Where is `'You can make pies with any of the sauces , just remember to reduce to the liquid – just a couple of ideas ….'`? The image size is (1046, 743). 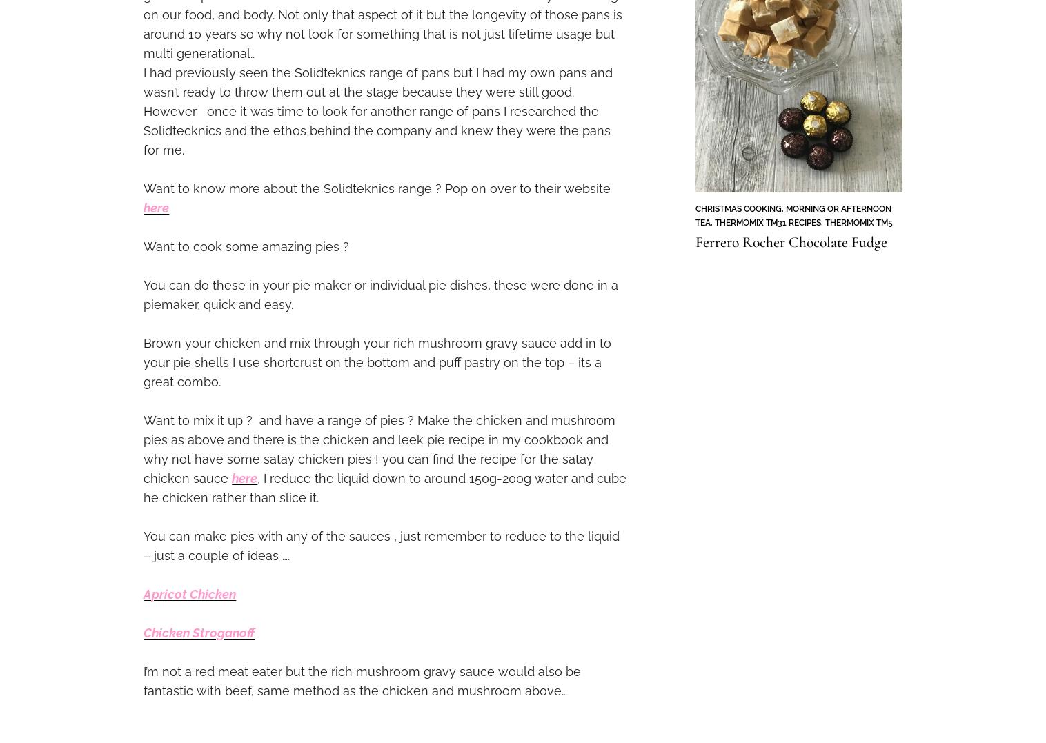
'You can make pies with any of the sauces , just remember to reduce to the liquid – just a couple of ideas ….' is located at coordinates (381, 545).